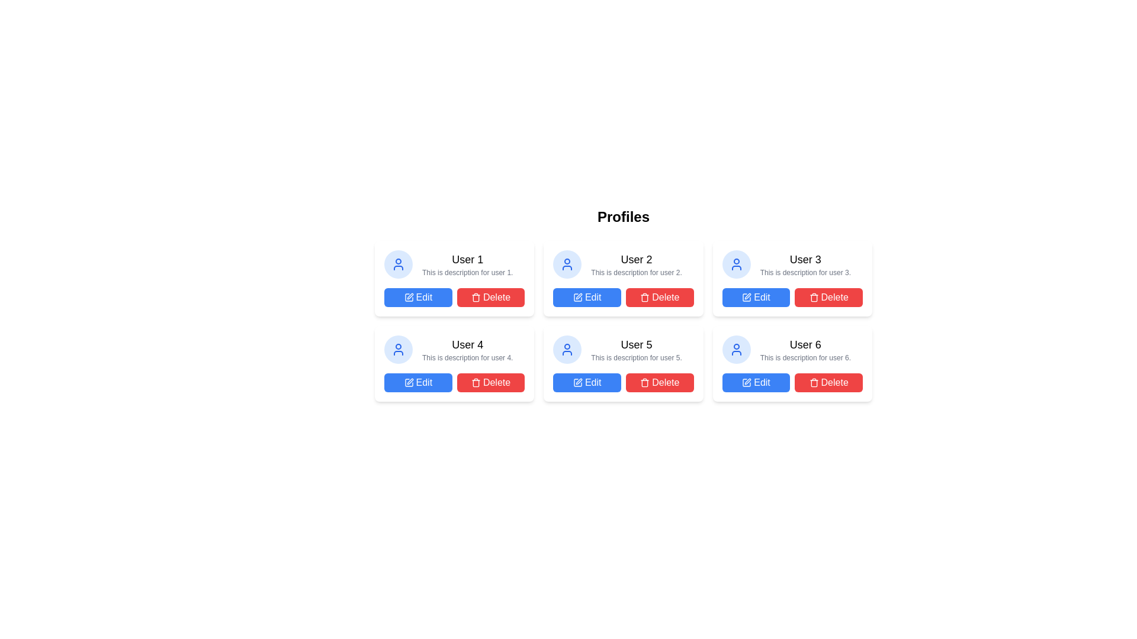 The height and width of the screenshot is (639, 1137). What do you see at coordinates (747, 296) in the screenshot?
I see `the edit icon within the 'Edit' button for the user profile labeled 'User 3', located in the rightmost column of the top row of user cards` at bounding box center [747, 296].